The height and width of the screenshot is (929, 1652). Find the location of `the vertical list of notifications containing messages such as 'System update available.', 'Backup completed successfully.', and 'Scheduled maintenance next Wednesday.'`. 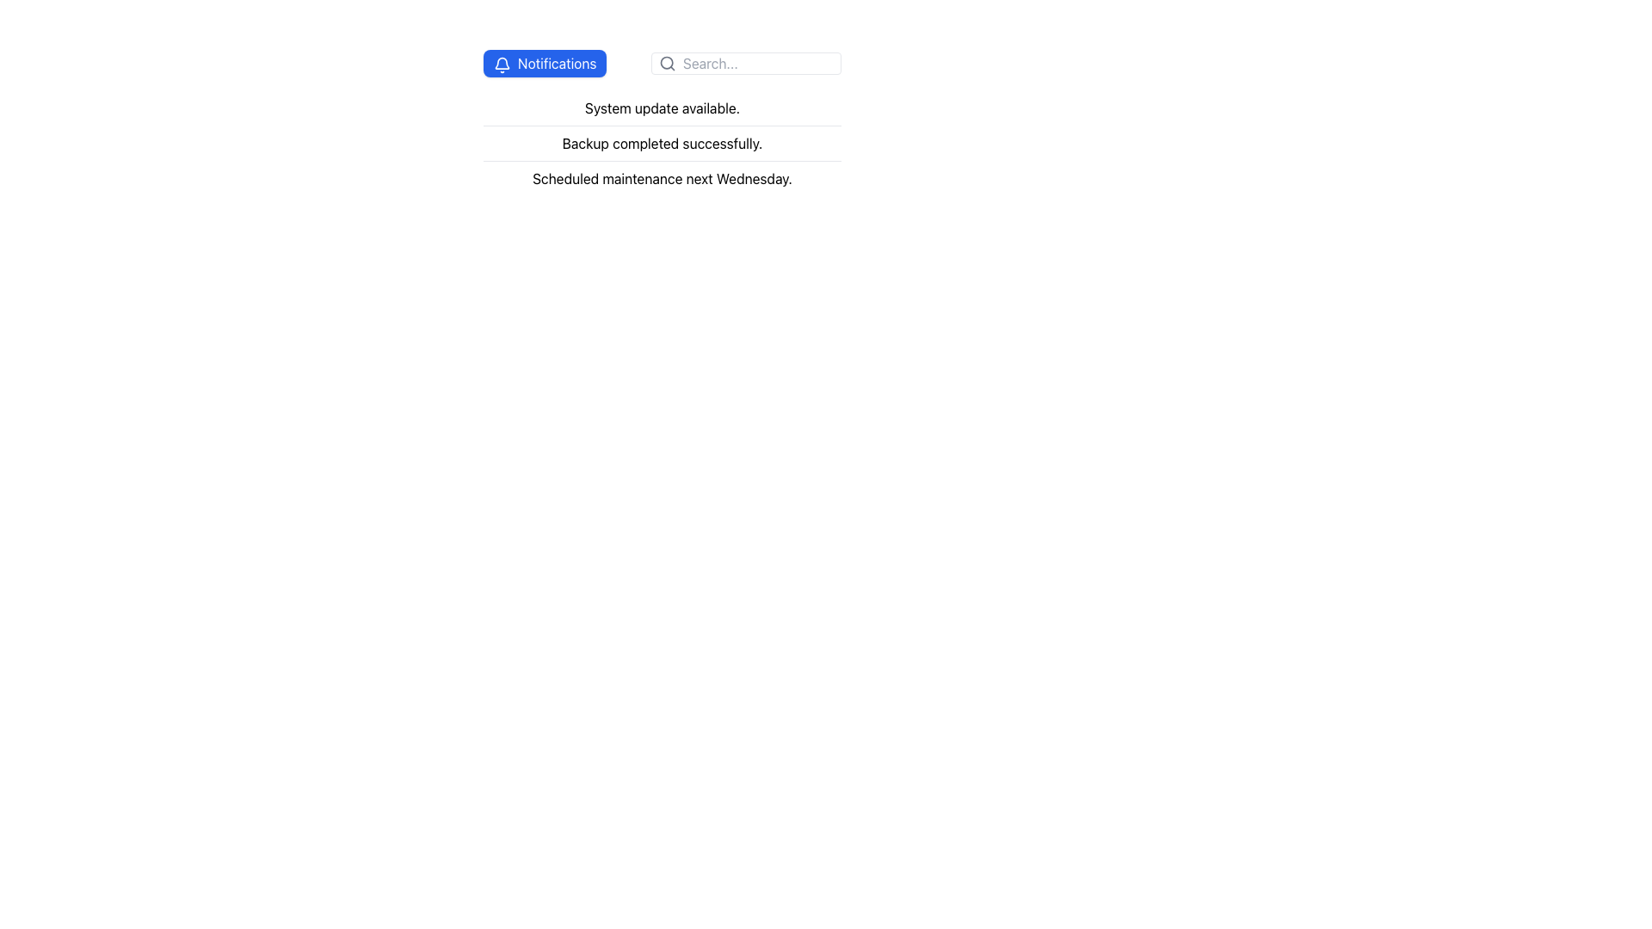

the vertical list of notifications containing messages such as 'System update available.', 'Backup completed successfully.', and 'Scheduled maintenance next Wednesday.' is located at coordinates (661, 142).